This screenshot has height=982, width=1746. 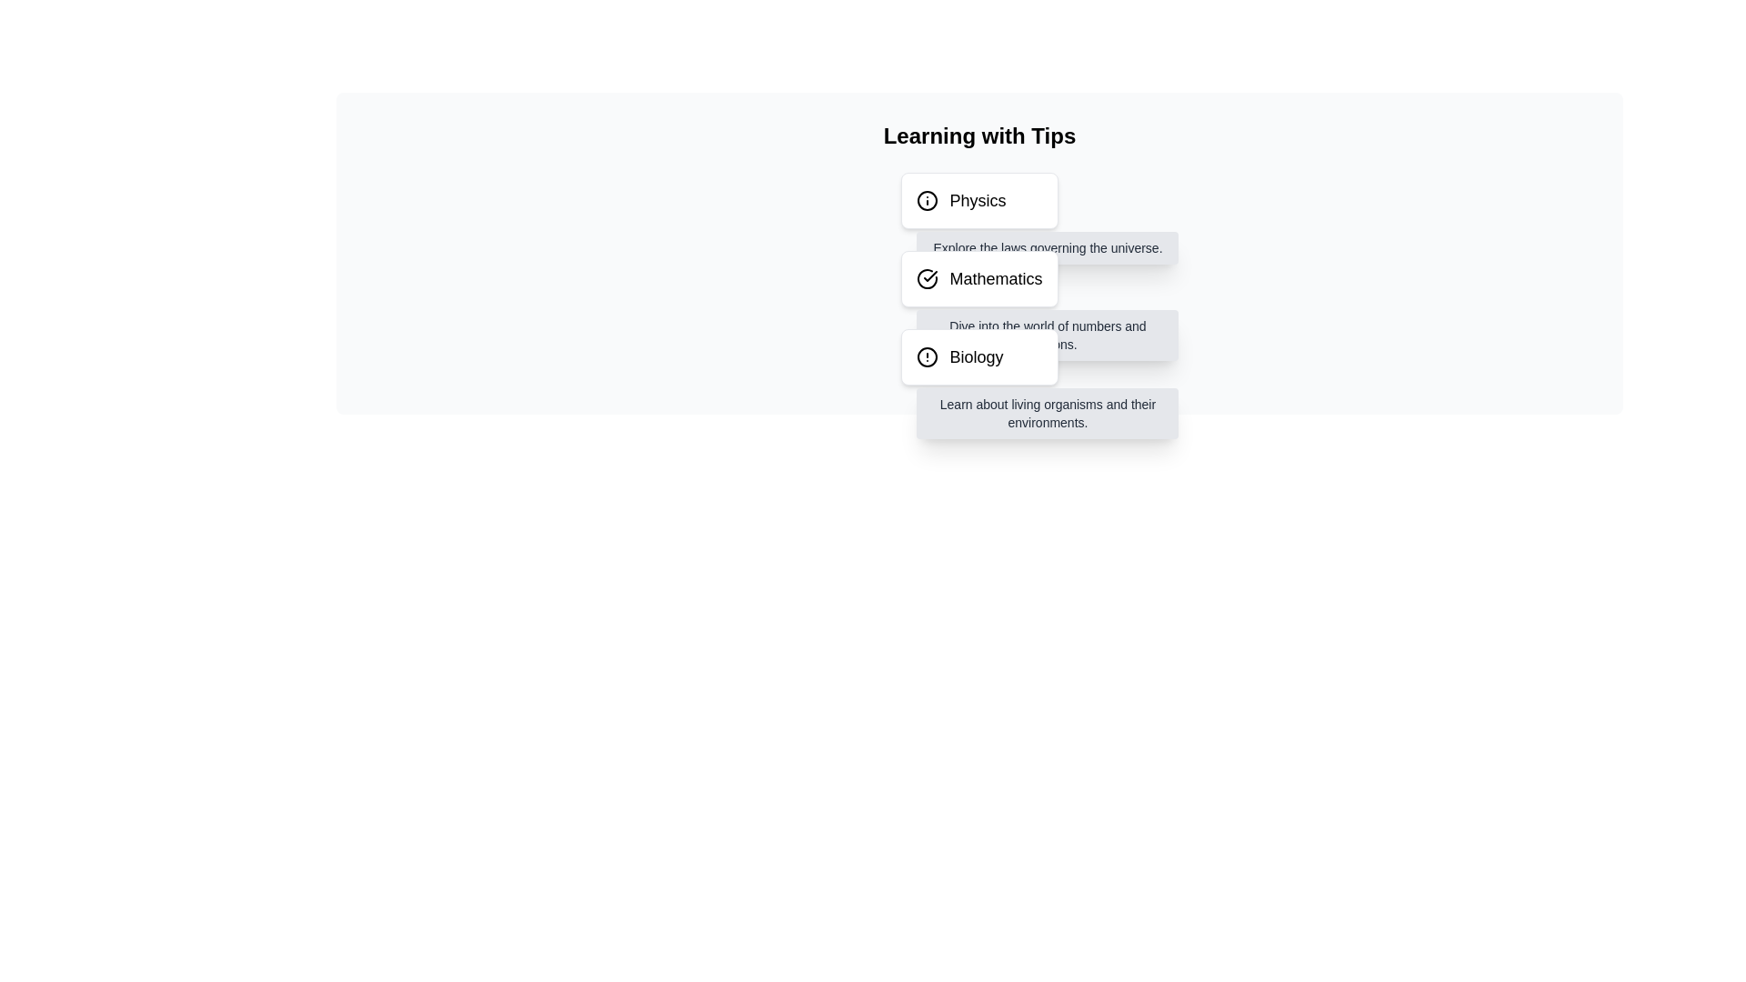 What do you see at coordinates (1048, 336) in the screenshot?
I see `the Informative Text displaying 'Dive into the world of numbers and equations.' located below the 'Mathematics' option in the 'Learning with Tips' interface` at bounding box center [1048, 336].